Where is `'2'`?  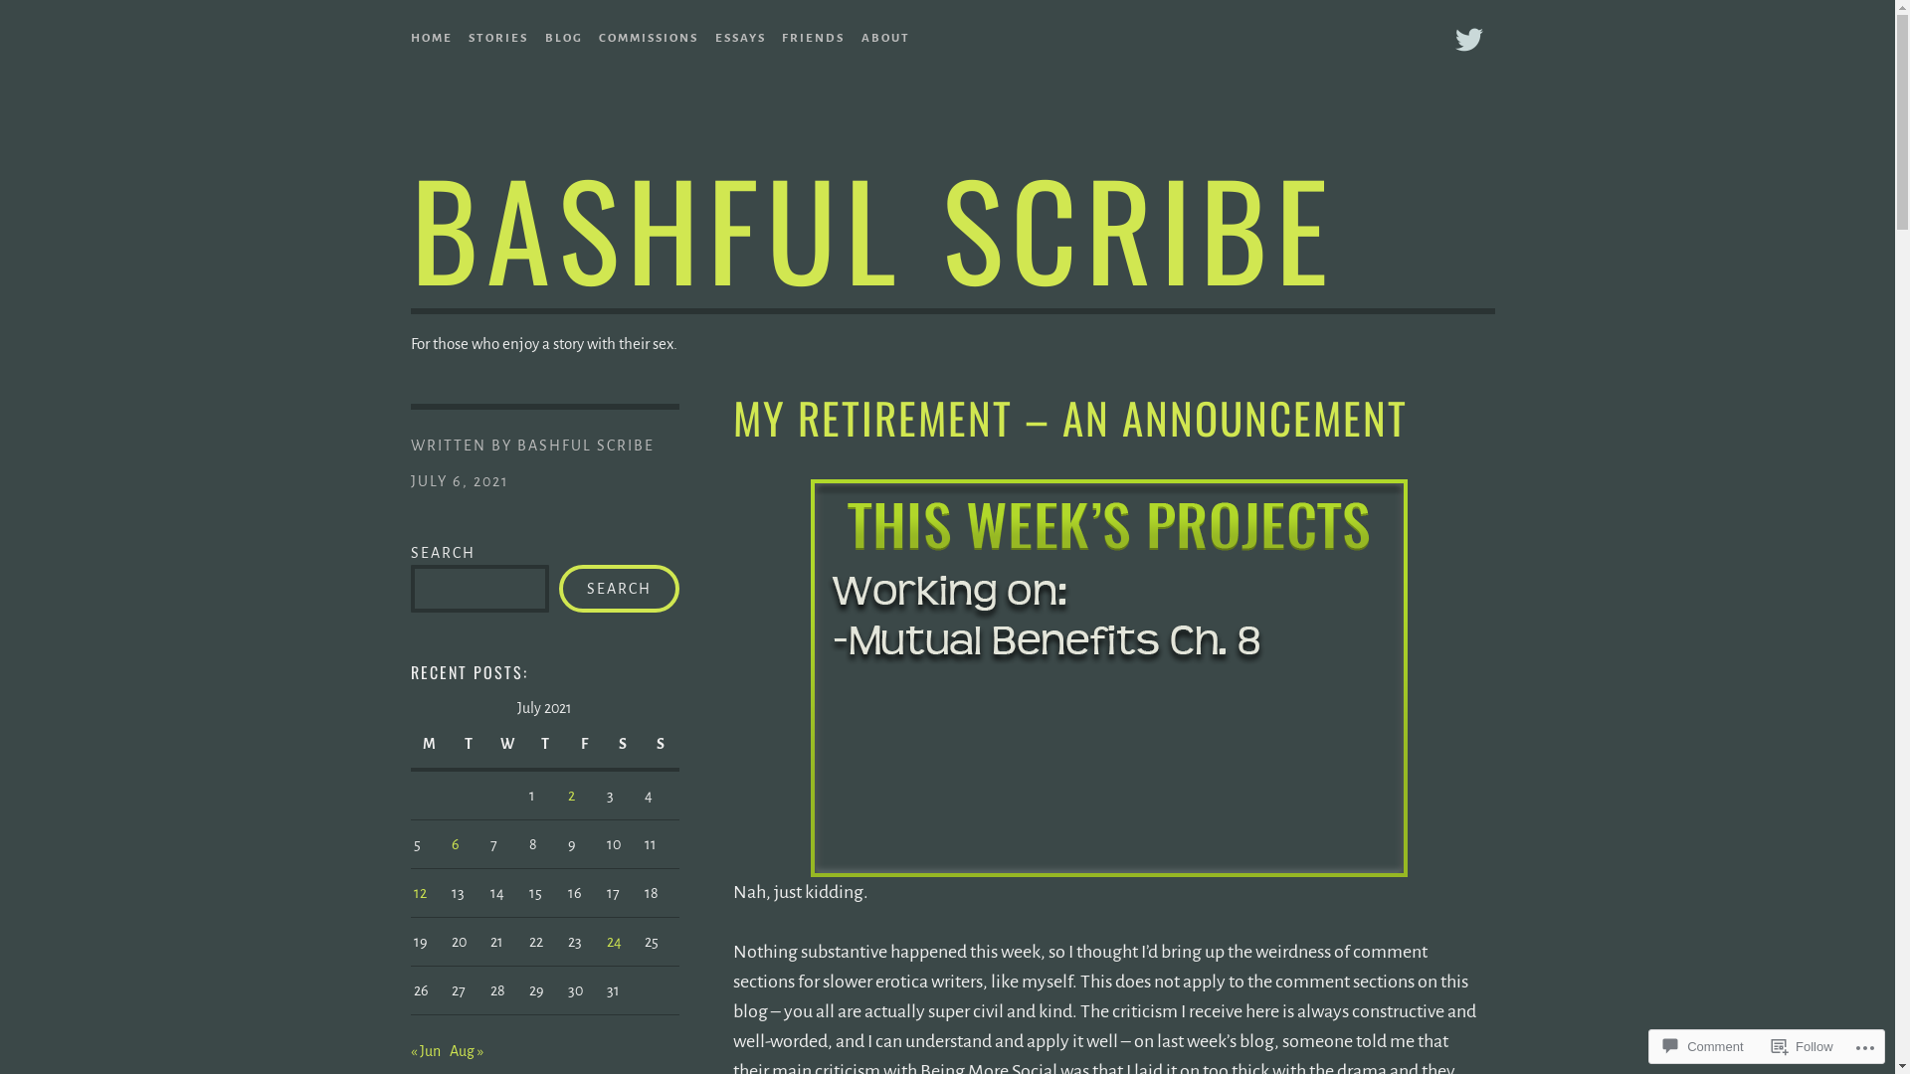
'2' is located at coordinates (570, 794).